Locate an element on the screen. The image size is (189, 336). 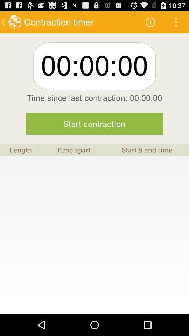
the start contraction item is located at coordinates (94, 124).